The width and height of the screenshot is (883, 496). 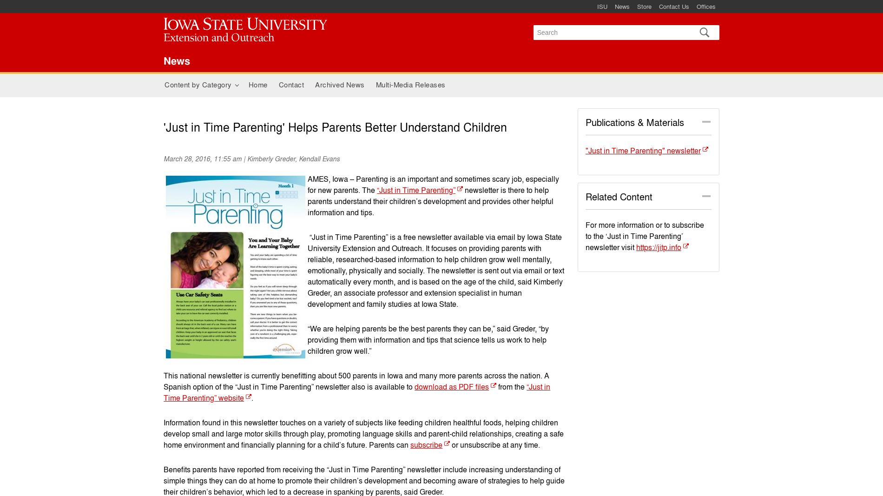 What do you see at coordinates (363, 433) in the screenshot?
I see `'Information found in this newsletter touches on a variety of subjects like feeding children healthful foods, helping children develop small and large motor skills through play, promoting language skills and parent-child relationships, creating a safe home environment and financially planning for a child’s future. Parents can'` at bounding box center [363, 433].